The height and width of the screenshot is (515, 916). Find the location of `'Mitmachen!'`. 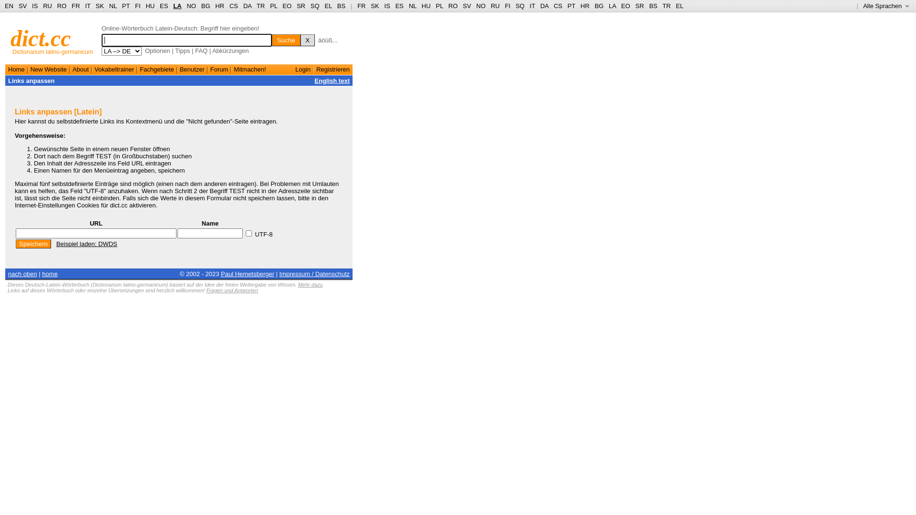

'Mitmachen!' is located at coordinates (250, 69).